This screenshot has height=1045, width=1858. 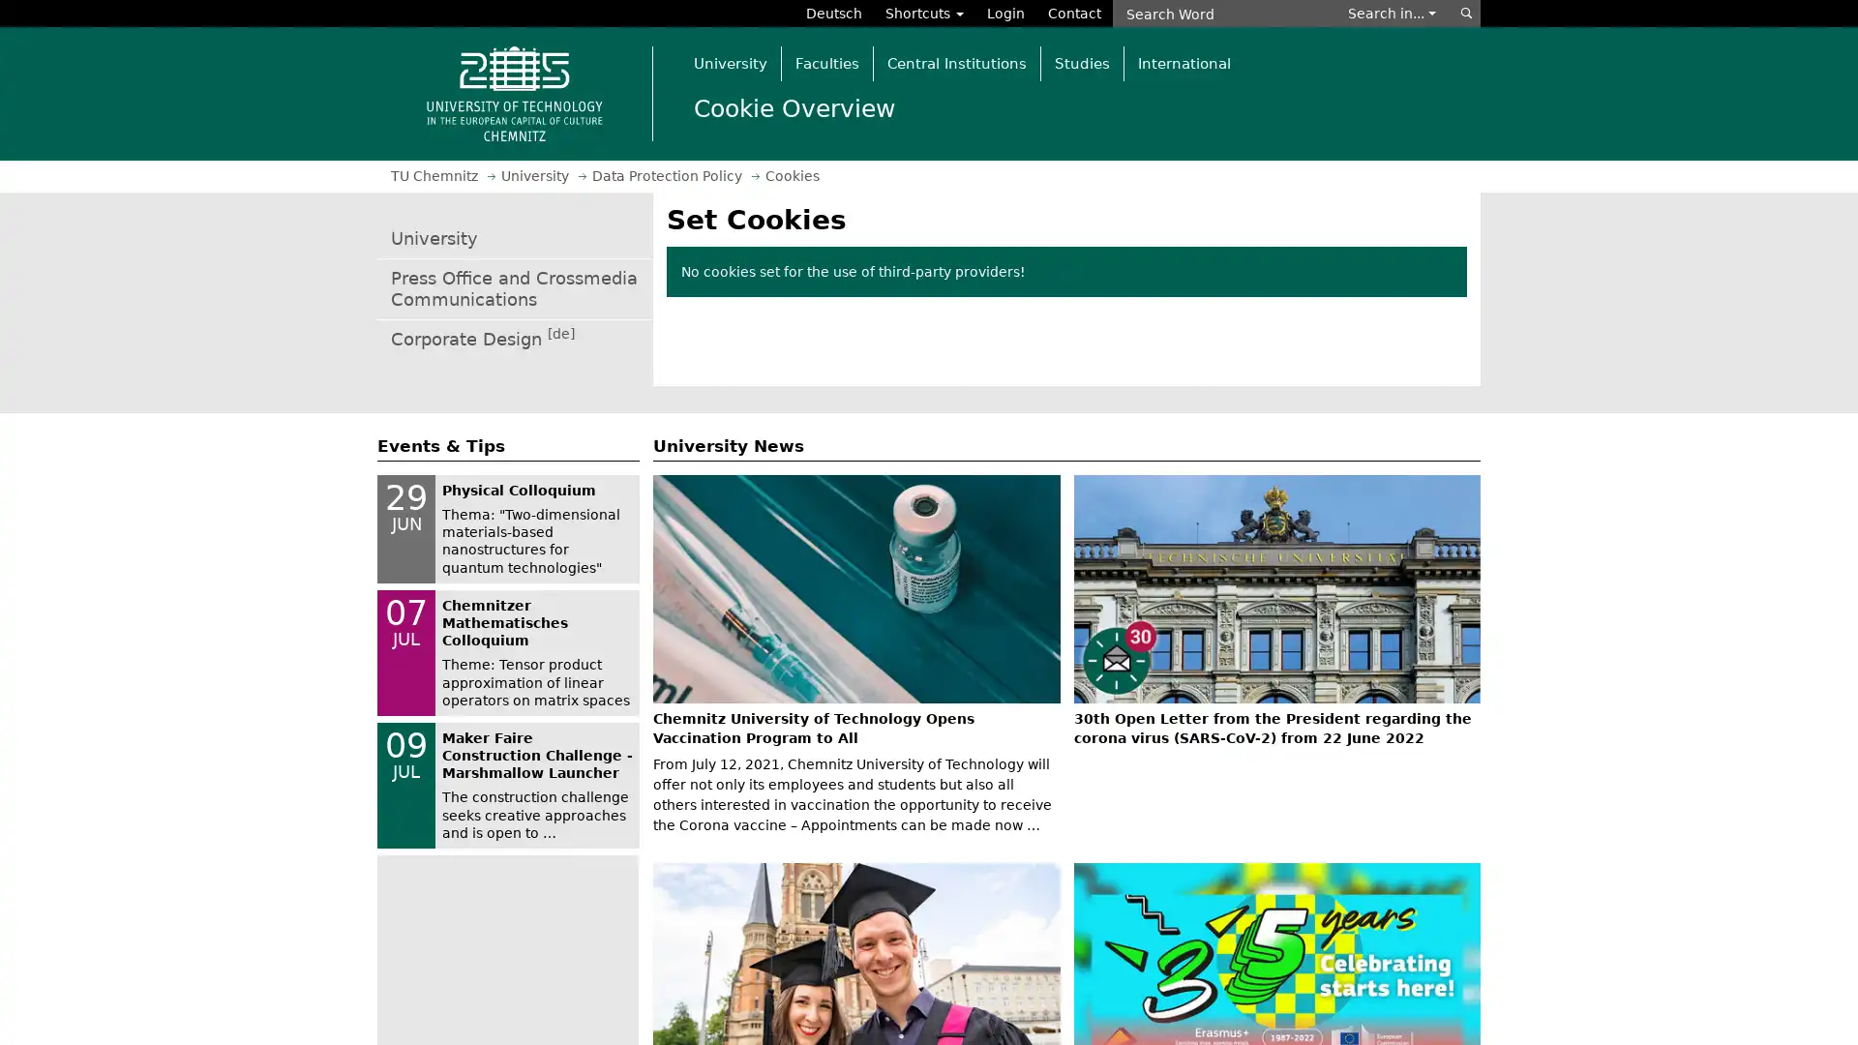 What do you see at coordinates (1081, 62) in the screenshot?
I see `Studies` at bounding box center [1081, 62].